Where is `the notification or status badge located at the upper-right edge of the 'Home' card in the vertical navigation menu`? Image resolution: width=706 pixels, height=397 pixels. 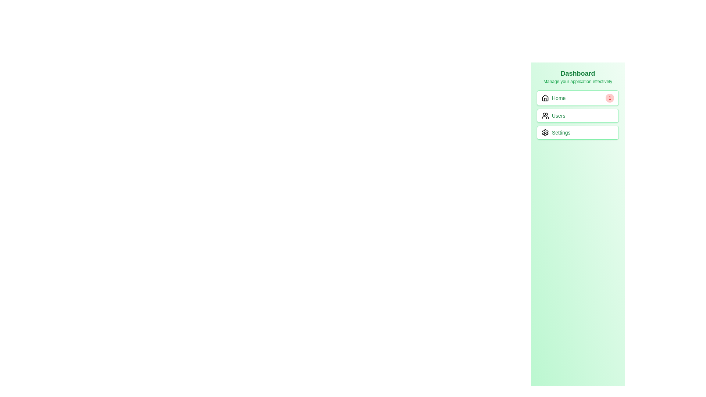
the notification or status badge located at the upper-right edge of the 'Home' card in the vertical navigation menu is located at coordinates (610, 97).